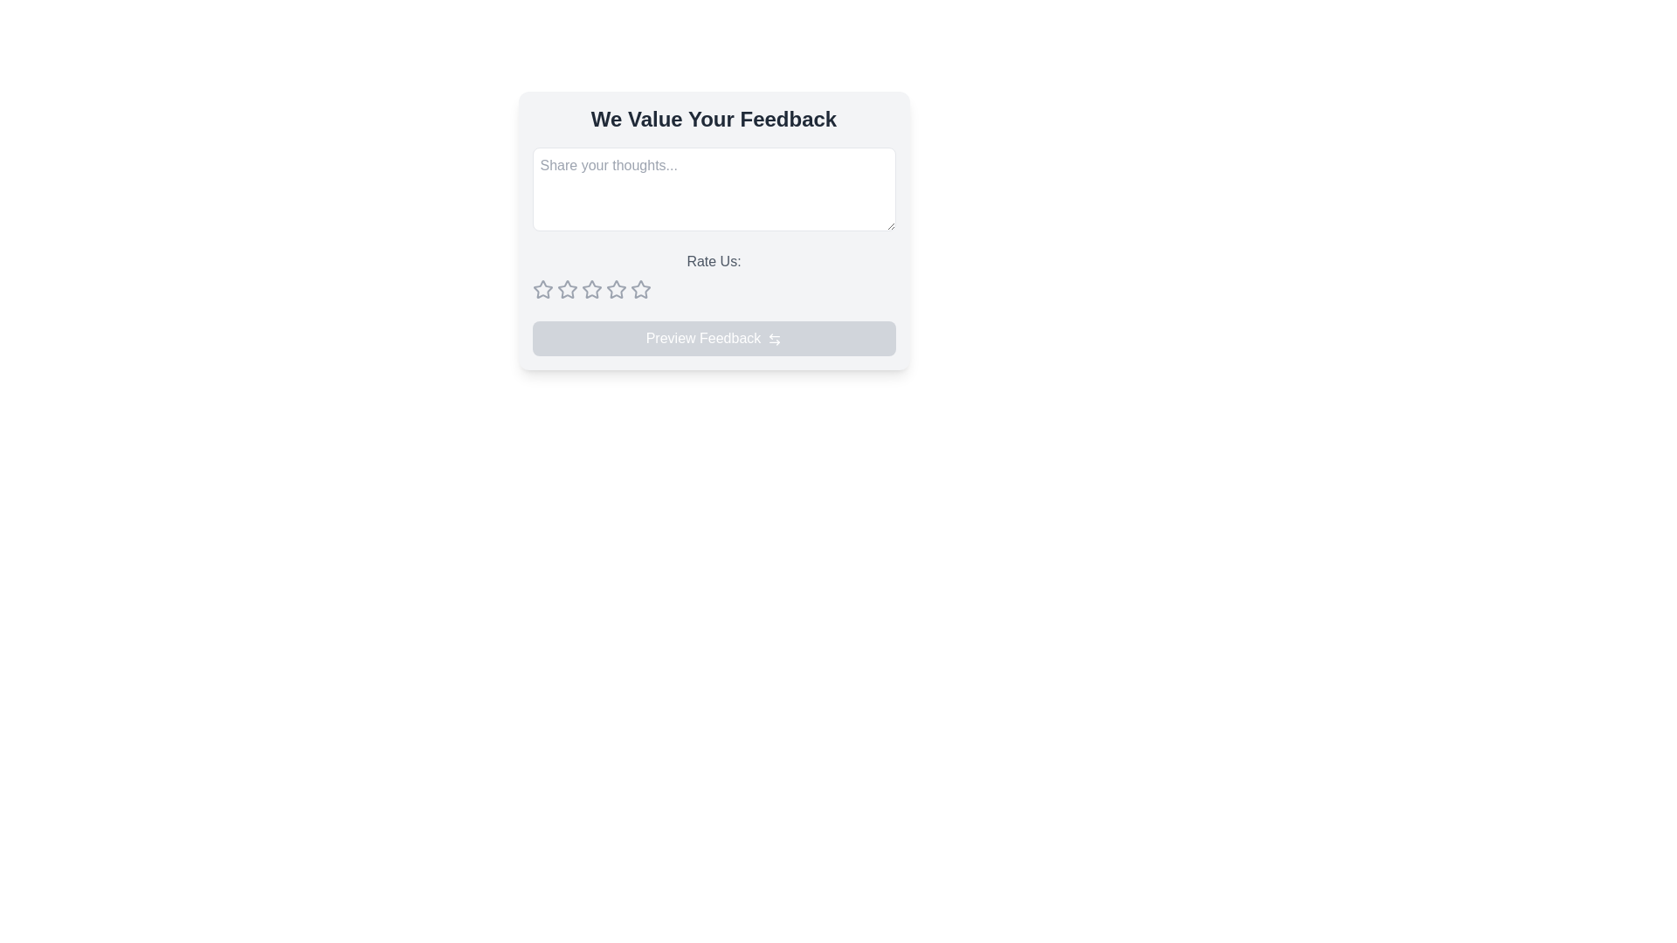  Describe the element at coordinates (542, 288) in the screenshot. I see `the leftmost star icon to register a one-star rating in the feedback form located below the 'Rate Us:' label` at that location.